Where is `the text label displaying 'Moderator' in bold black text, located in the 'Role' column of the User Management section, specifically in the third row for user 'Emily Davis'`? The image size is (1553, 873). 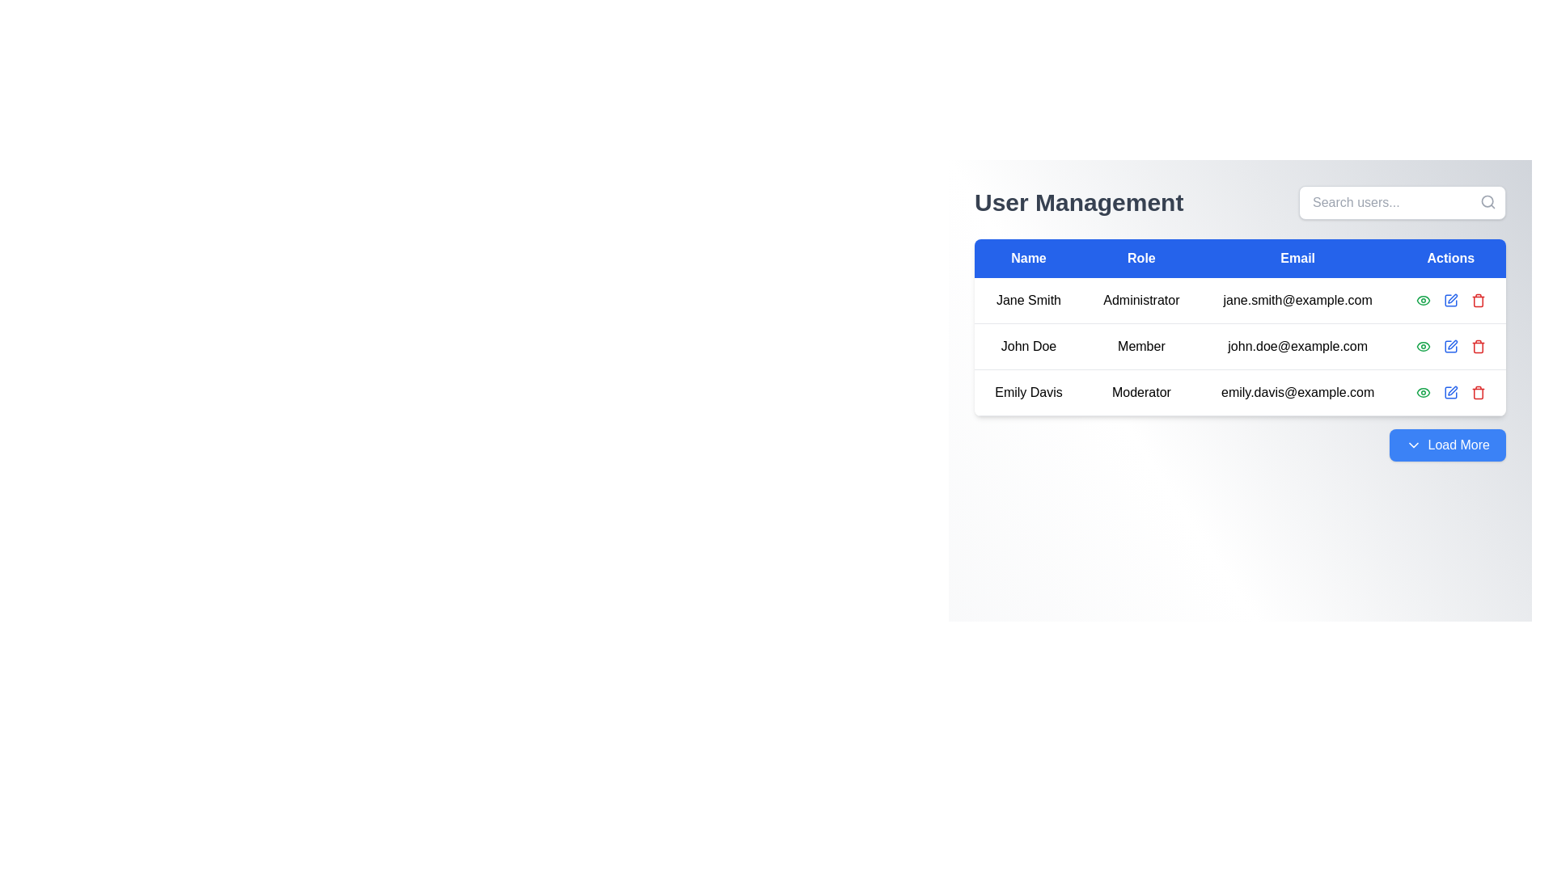
the text label displaying 'Moderator' in bold black text, located in the 'Role' column of the User Management section, specifically in the third row for user 'Emily Davis' is located at coordinates (1140, 393).